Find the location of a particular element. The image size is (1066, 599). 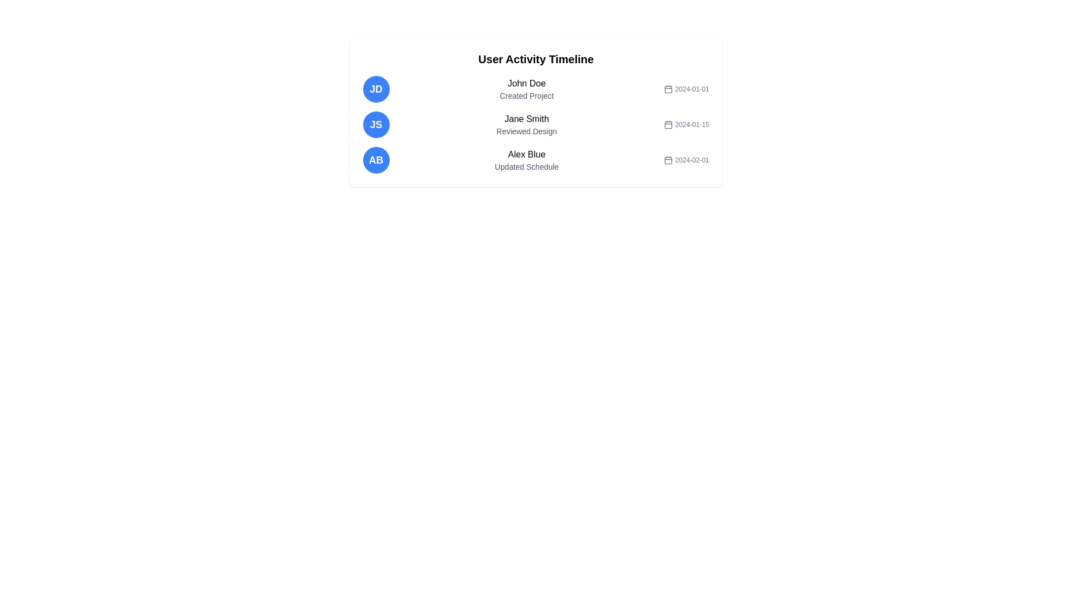

details of the second list item in the 'User Activity Timeline' containing a blue circular icon with initials 'JS', the name 'Jane Smith', a description 'Reviewed Design', and the date '2024-01-15' is located at coordinates (536, 124).